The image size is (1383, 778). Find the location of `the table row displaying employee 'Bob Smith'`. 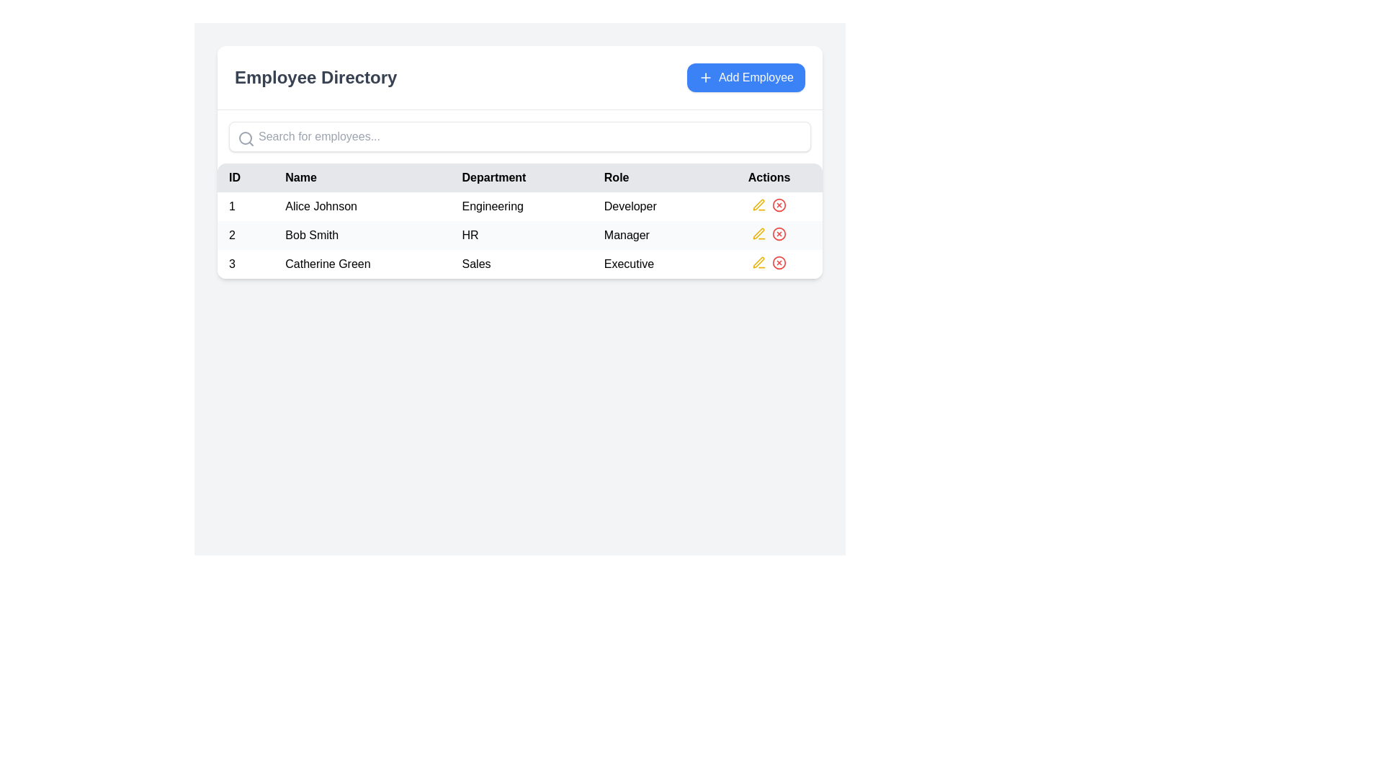

the table row displaying employee 'Bob Smith' is located at coordinates (519, 235).